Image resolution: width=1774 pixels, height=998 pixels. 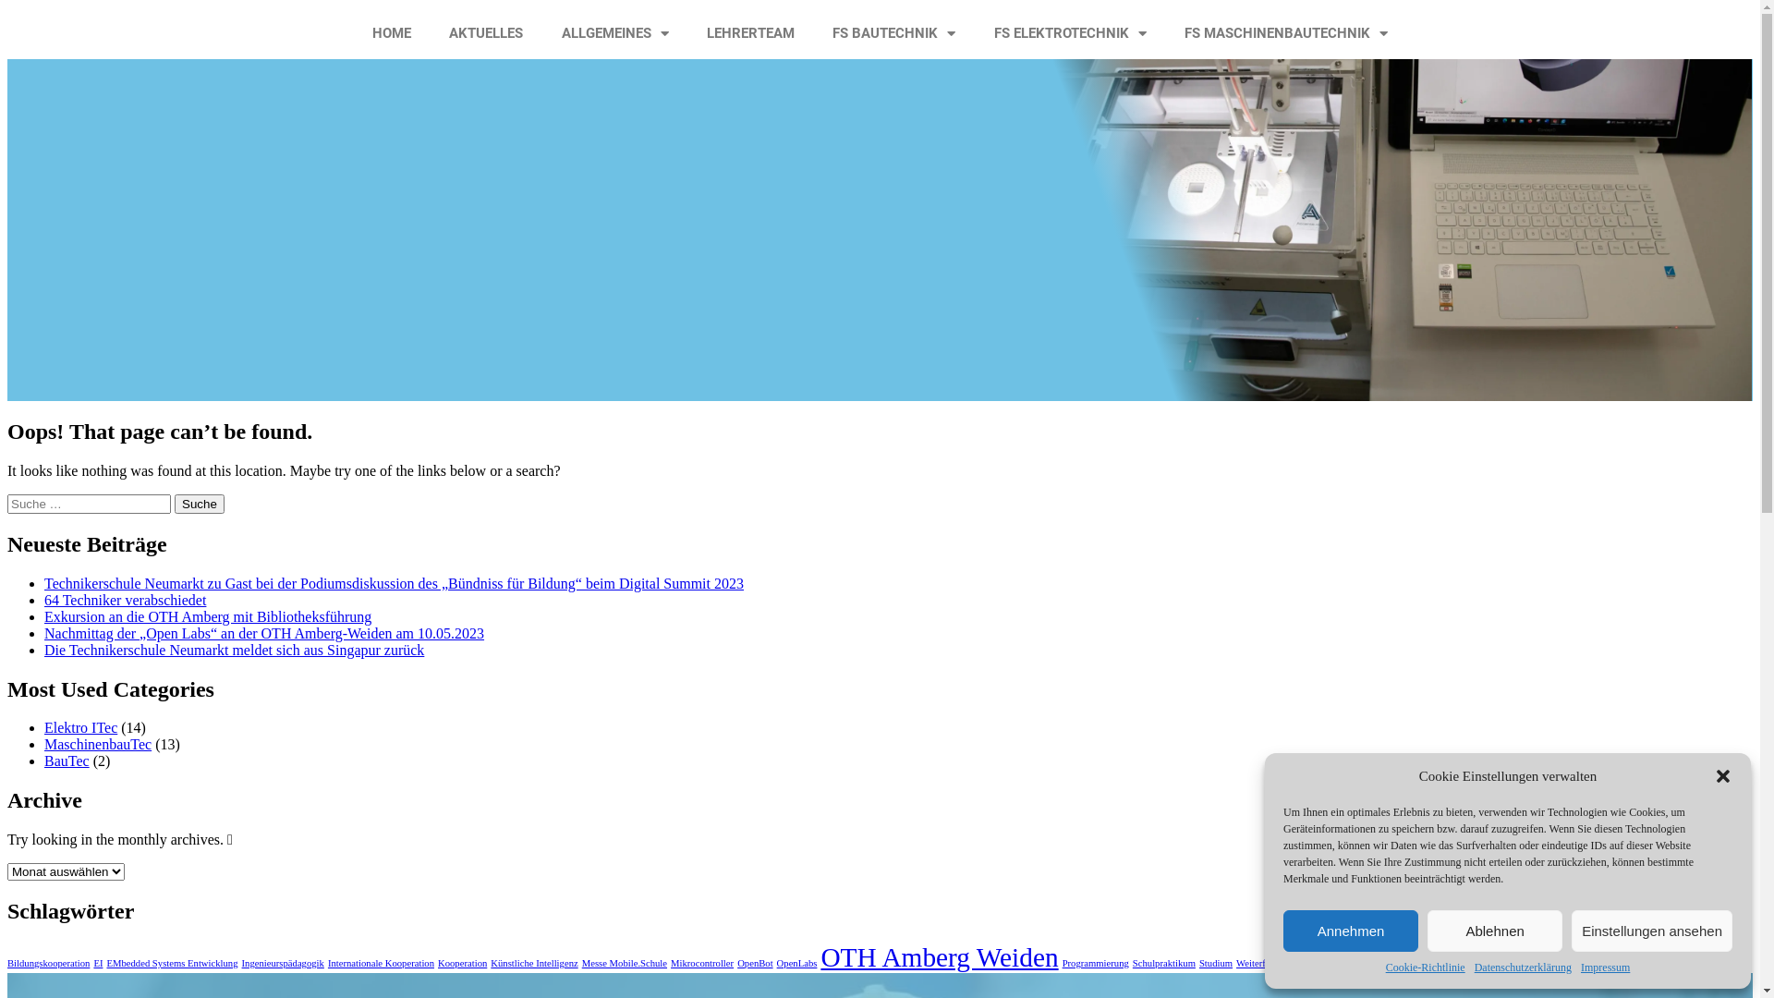 What do you see at coordinates (894, 32) in the screenshot?
I see `'FS BAUTECHNIK'` at bounding box center [894, 32].